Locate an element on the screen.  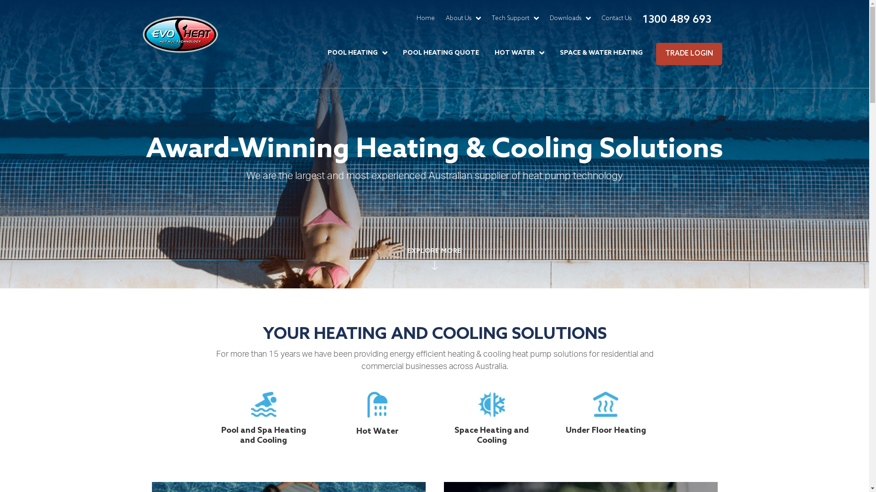
'Contact Us' is located at coordinates (616, 18).